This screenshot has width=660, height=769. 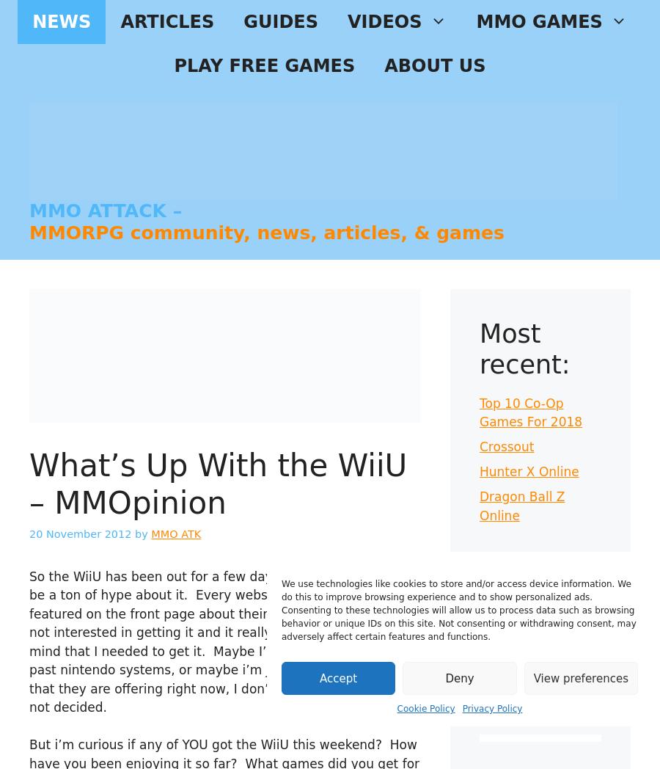 I want to click on '20 November 2012', so click(x=79, y=533).